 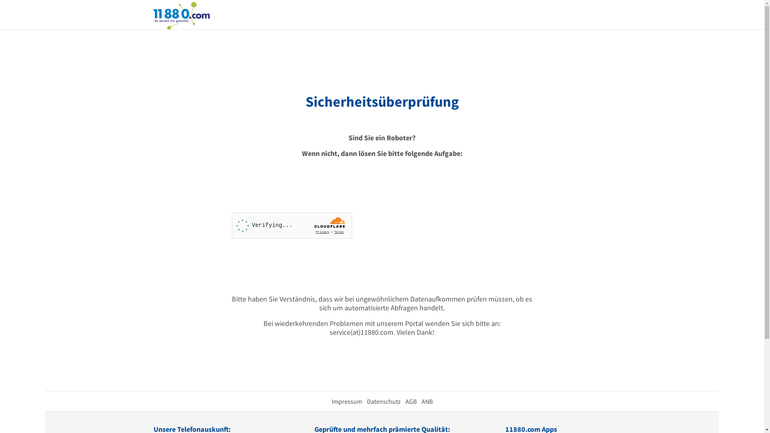 What do you see at coordinates (346, 401) in the screenshot?
I see `'Impressum'` at bounding box center [346, 401].